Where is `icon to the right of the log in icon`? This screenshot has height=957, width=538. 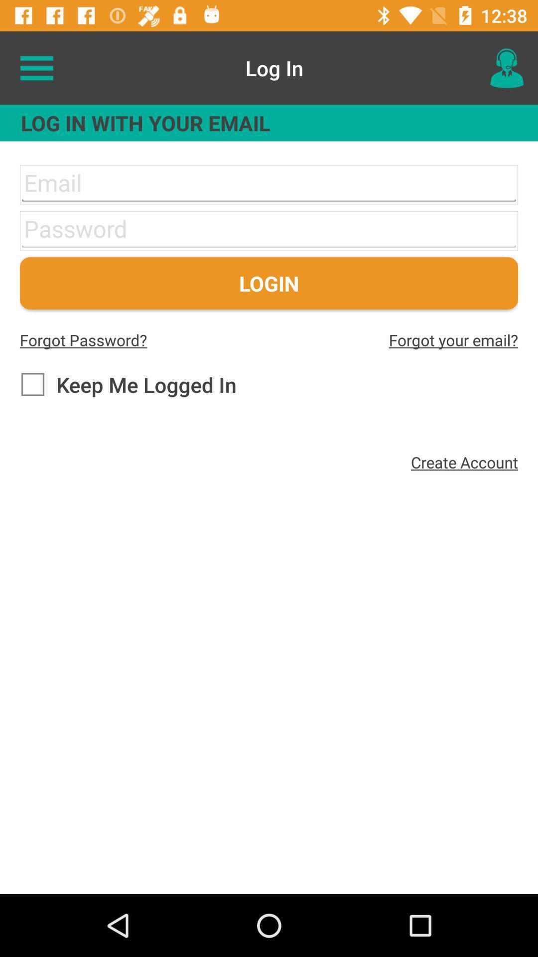
icon to the right of the log in icon is located at coordinates (507, 67).